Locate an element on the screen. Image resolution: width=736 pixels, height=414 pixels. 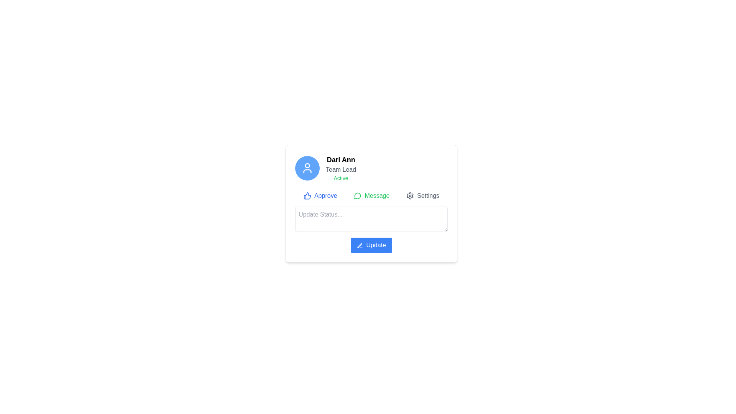
editing icon within the 'Update' button located near the bottom center of the card interface is located at coordinates (359, 245).